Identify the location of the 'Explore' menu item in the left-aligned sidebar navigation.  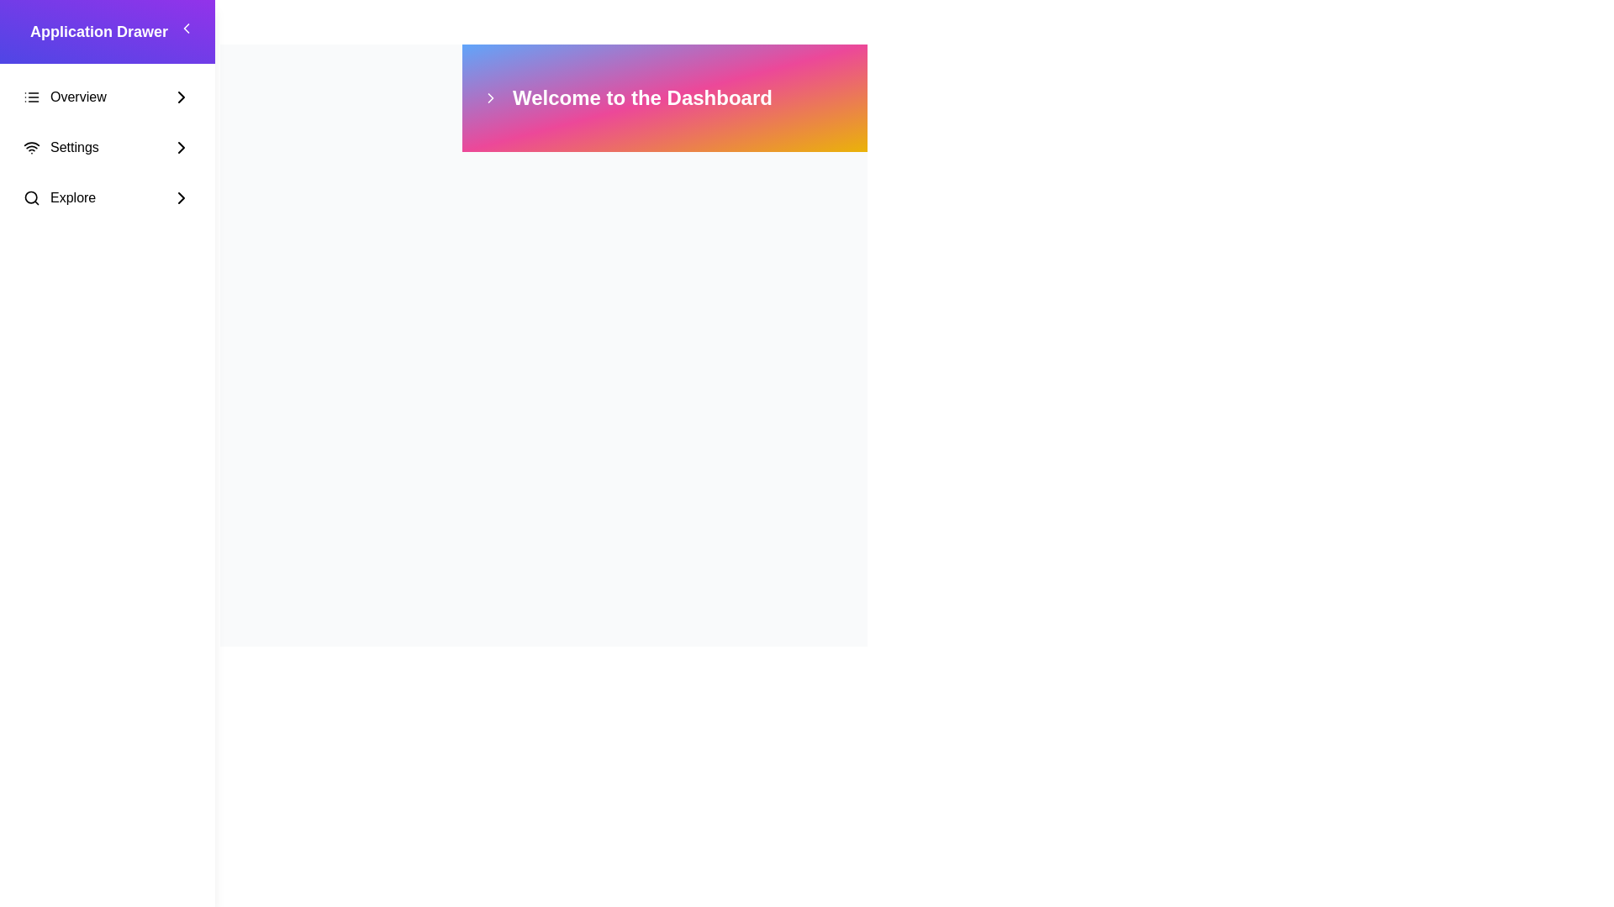
(107, 197).